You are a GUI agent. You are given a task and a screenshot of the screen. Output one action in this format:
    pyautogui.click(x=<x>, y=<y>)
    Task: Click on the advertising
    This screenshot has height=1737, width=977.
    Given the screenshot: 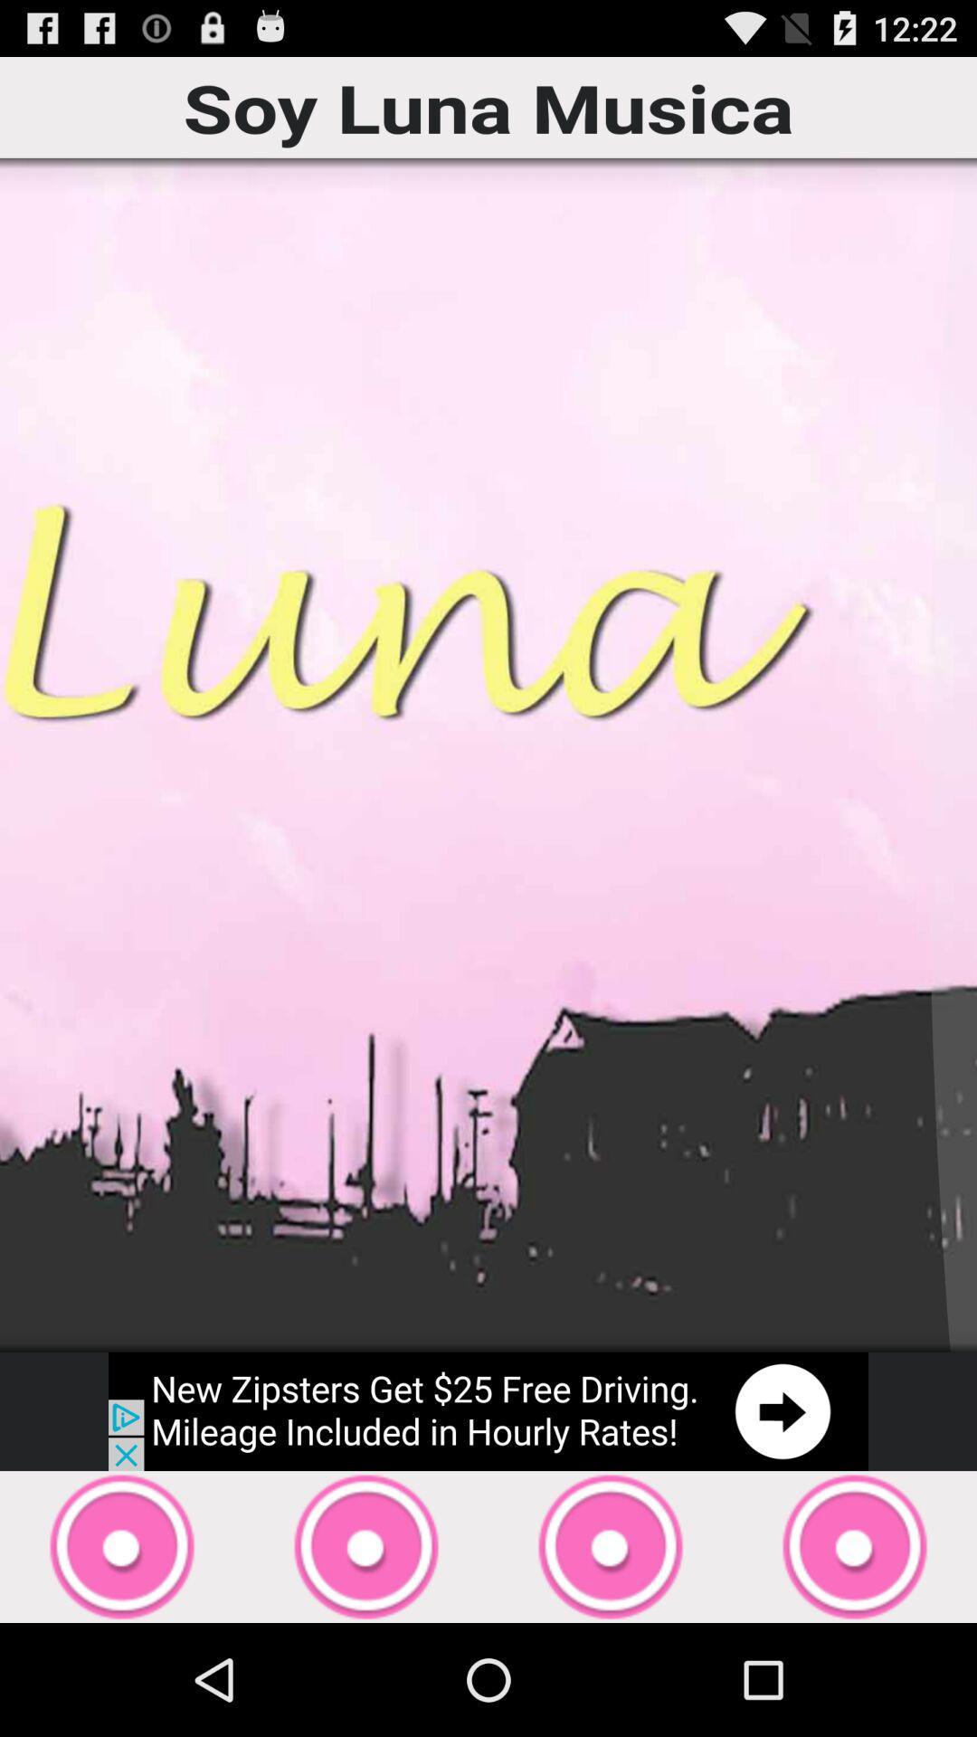 What is the action you would take?
    pyautogui.click(x=488, y=1410)
    